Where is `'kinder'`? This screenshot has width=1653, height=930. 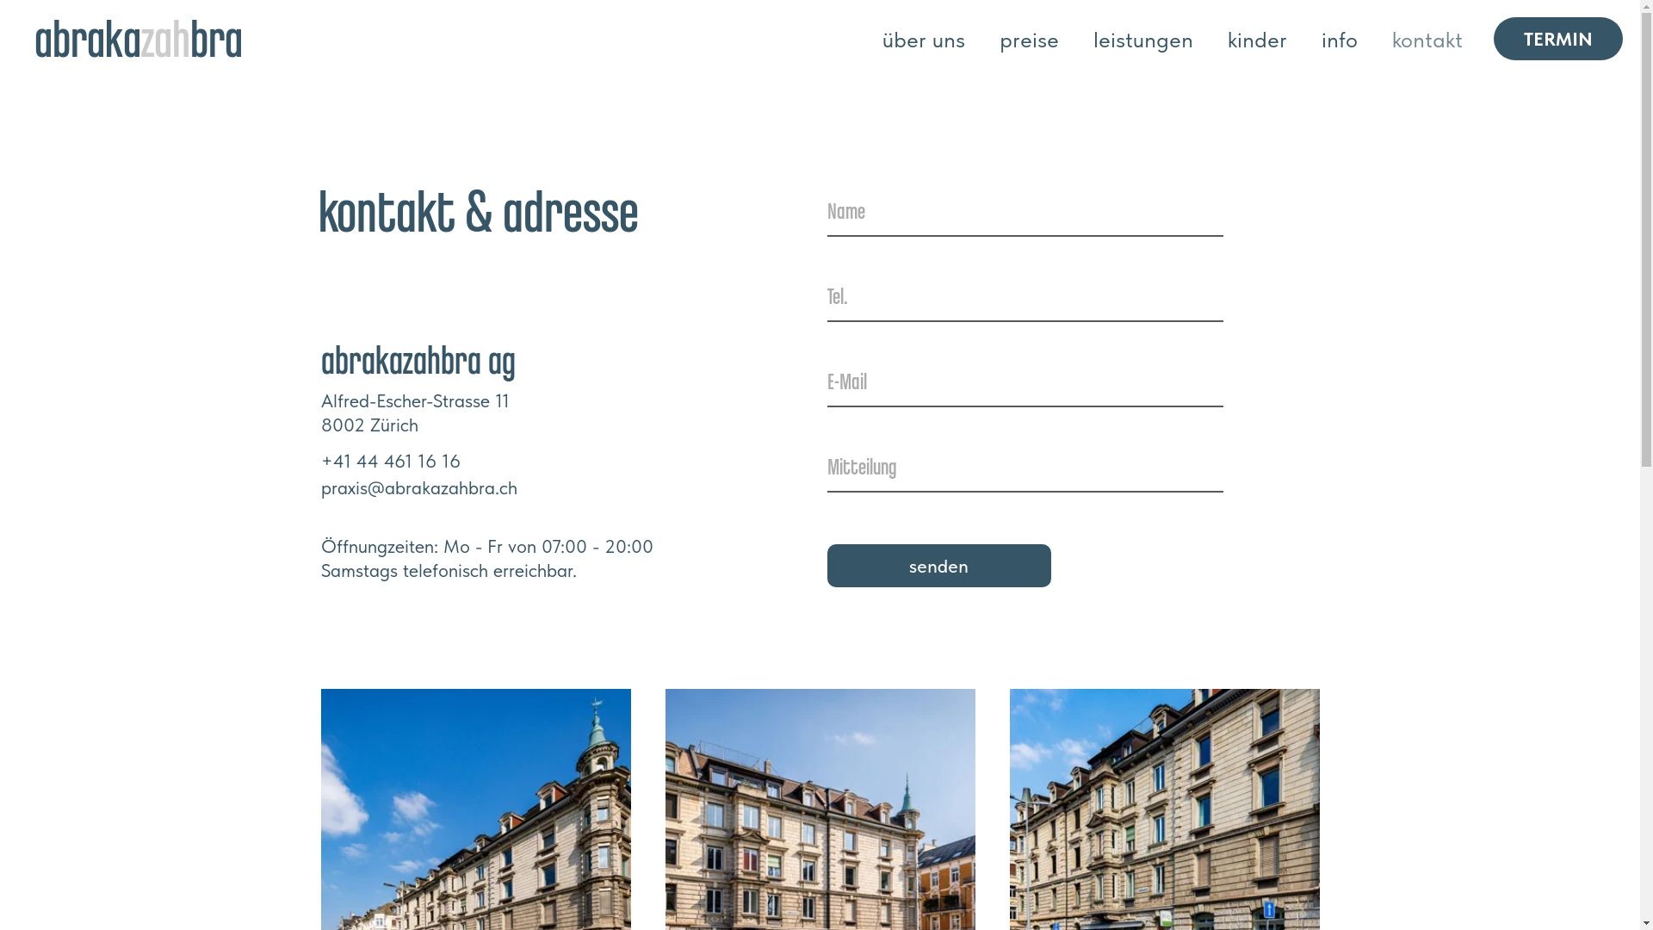 'kinder' is located at coordinates (1257, 39).